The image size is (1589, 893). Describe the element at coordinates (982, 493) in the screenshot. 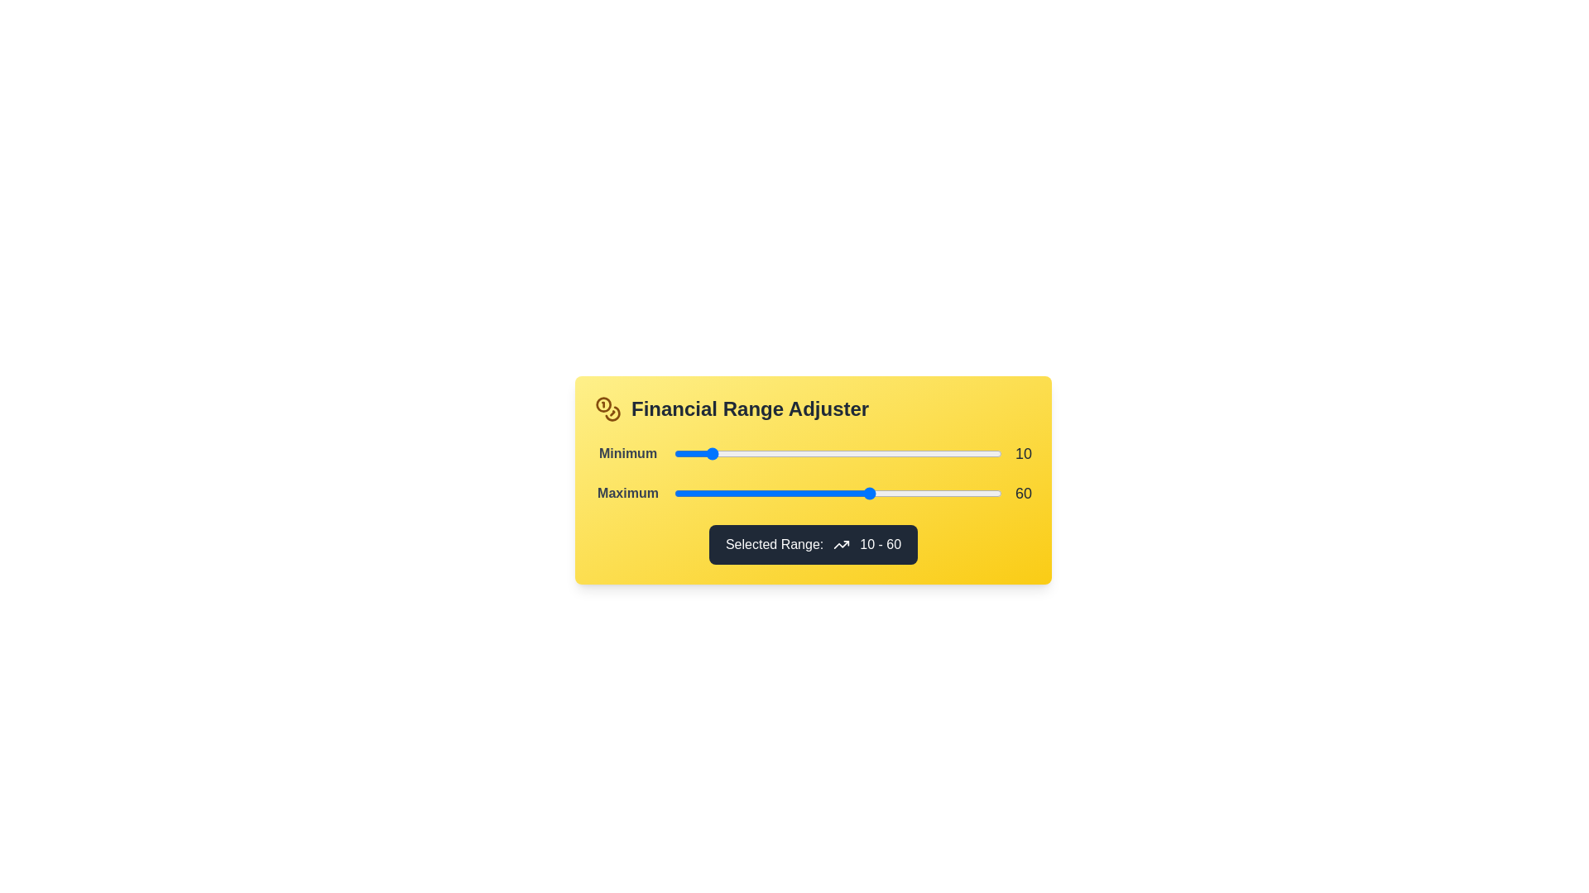

I see `the 'Maximum' range slider to 94` at that location.